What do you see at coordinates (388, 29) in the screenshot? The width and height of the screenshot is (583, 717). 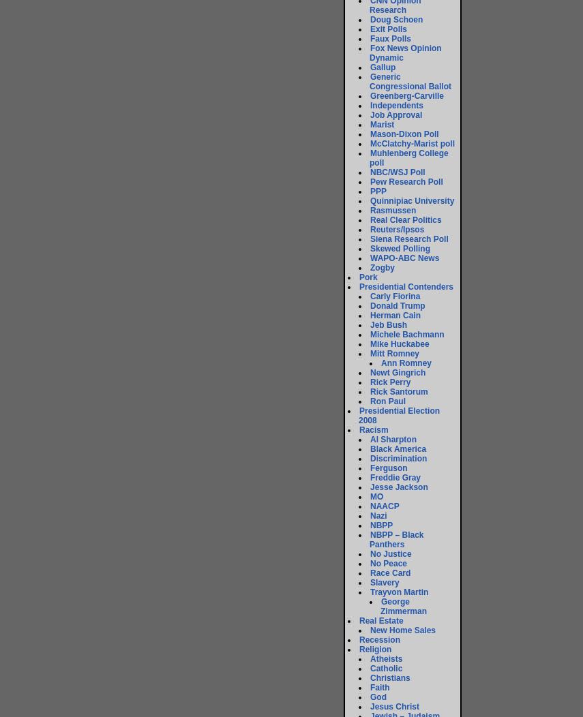 I see `'Exit Polls'` at bounding box center [388, 29].